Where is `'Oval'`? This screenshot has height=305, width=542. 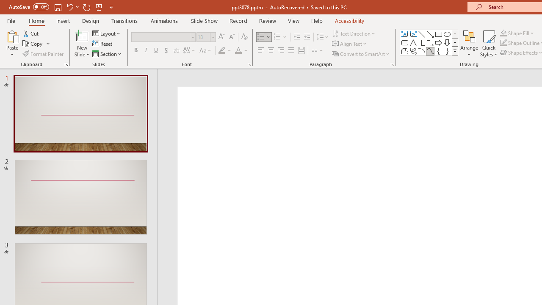
'Oval' is located at coordinates (447, 34).